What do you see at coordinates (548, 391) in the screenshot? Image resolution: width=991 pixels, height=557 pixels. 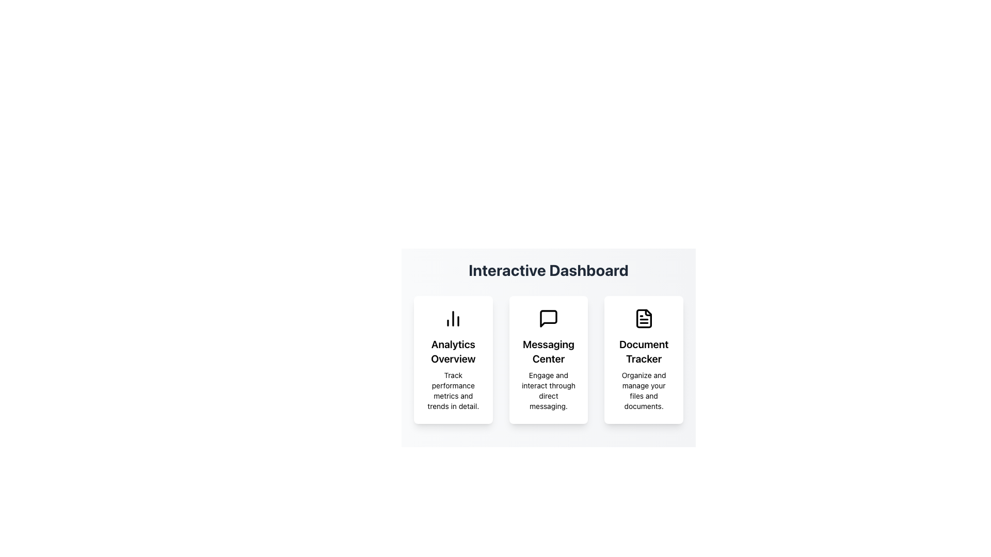 I see `the descriptive text located in the bottom section of the 'Messaging Center' card, which is positioned beneath the larger title and is the middle card in a row of three under the 'Interactive Dashboard' header` at bounding box center [548, 391].